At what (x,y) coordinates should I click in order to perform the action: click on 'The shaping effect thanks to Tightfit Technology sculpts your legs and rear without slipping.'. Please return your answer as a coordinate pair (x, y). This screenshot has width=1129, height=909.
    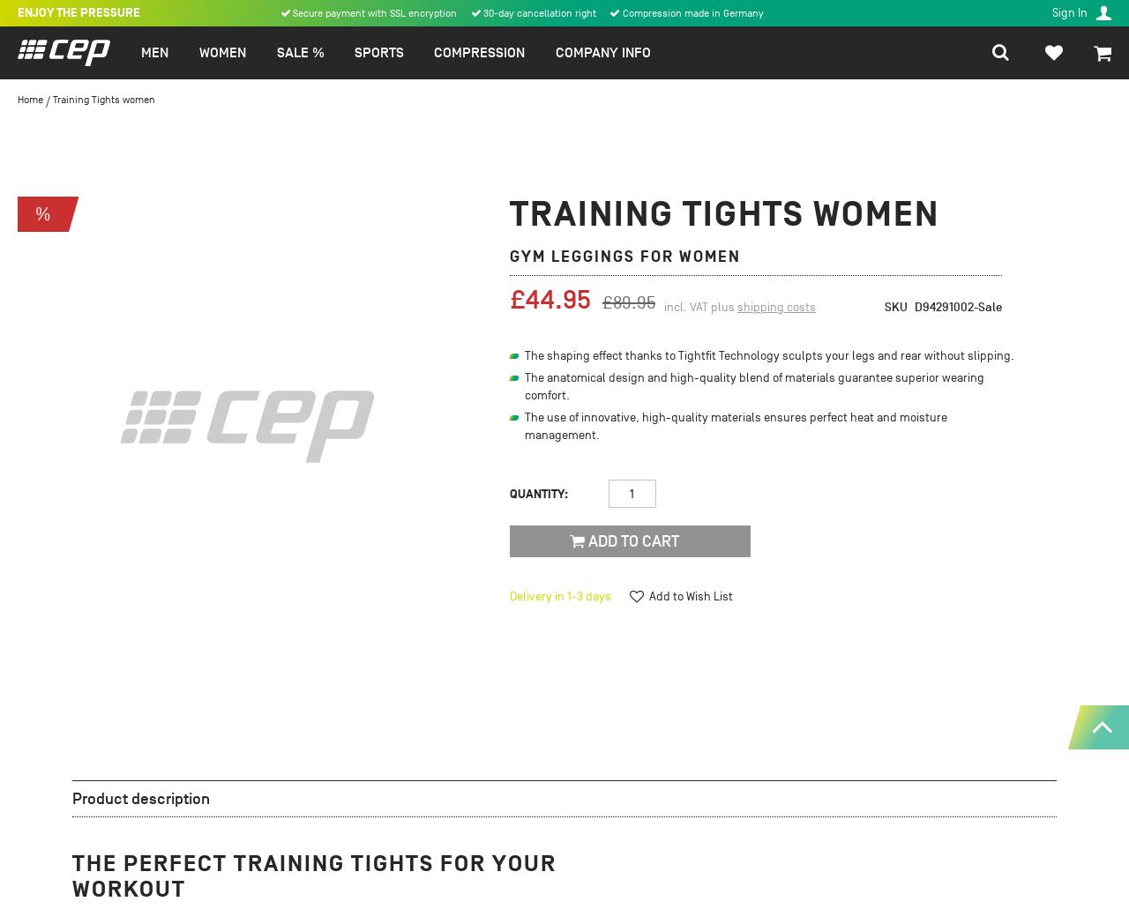
    Looking at the image, I should click on (769, 354).